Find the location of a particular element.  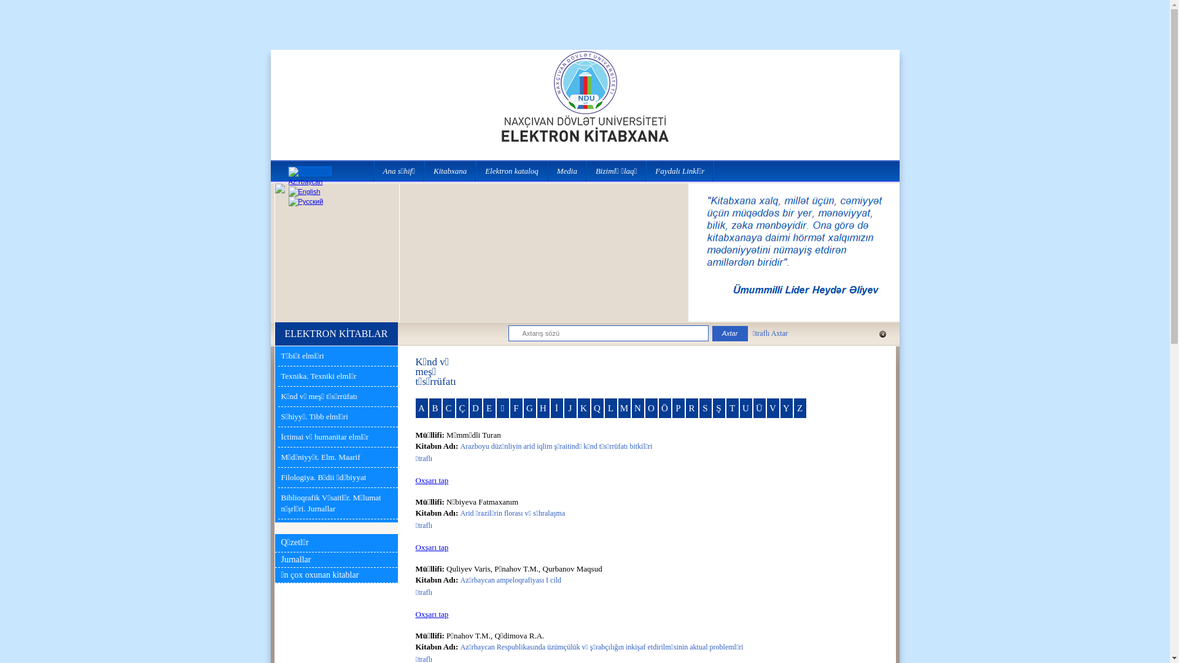

'R' is located at coordinates (691, 408).